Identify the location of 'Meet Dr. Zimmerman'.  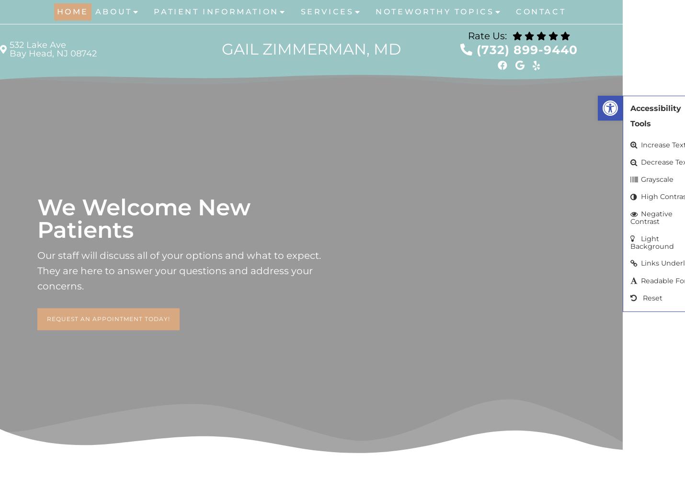
(127, 35).